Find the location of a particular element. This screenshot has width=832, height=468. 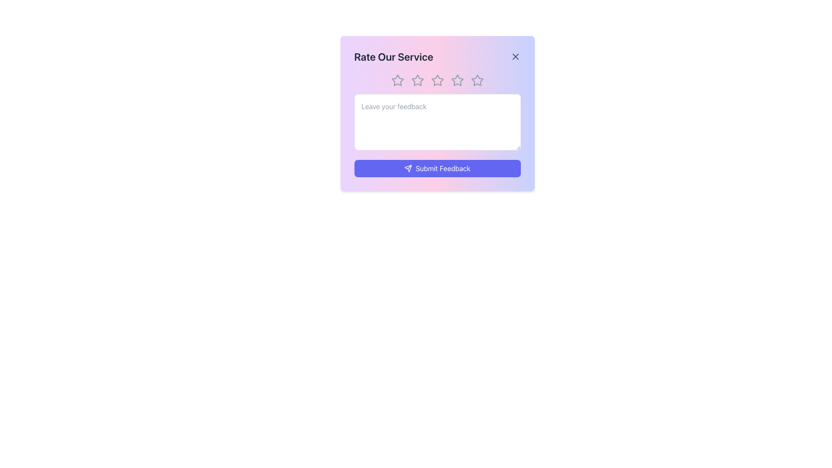

the first rating star icon in the feedback modal is located at coordinates (397, 80).